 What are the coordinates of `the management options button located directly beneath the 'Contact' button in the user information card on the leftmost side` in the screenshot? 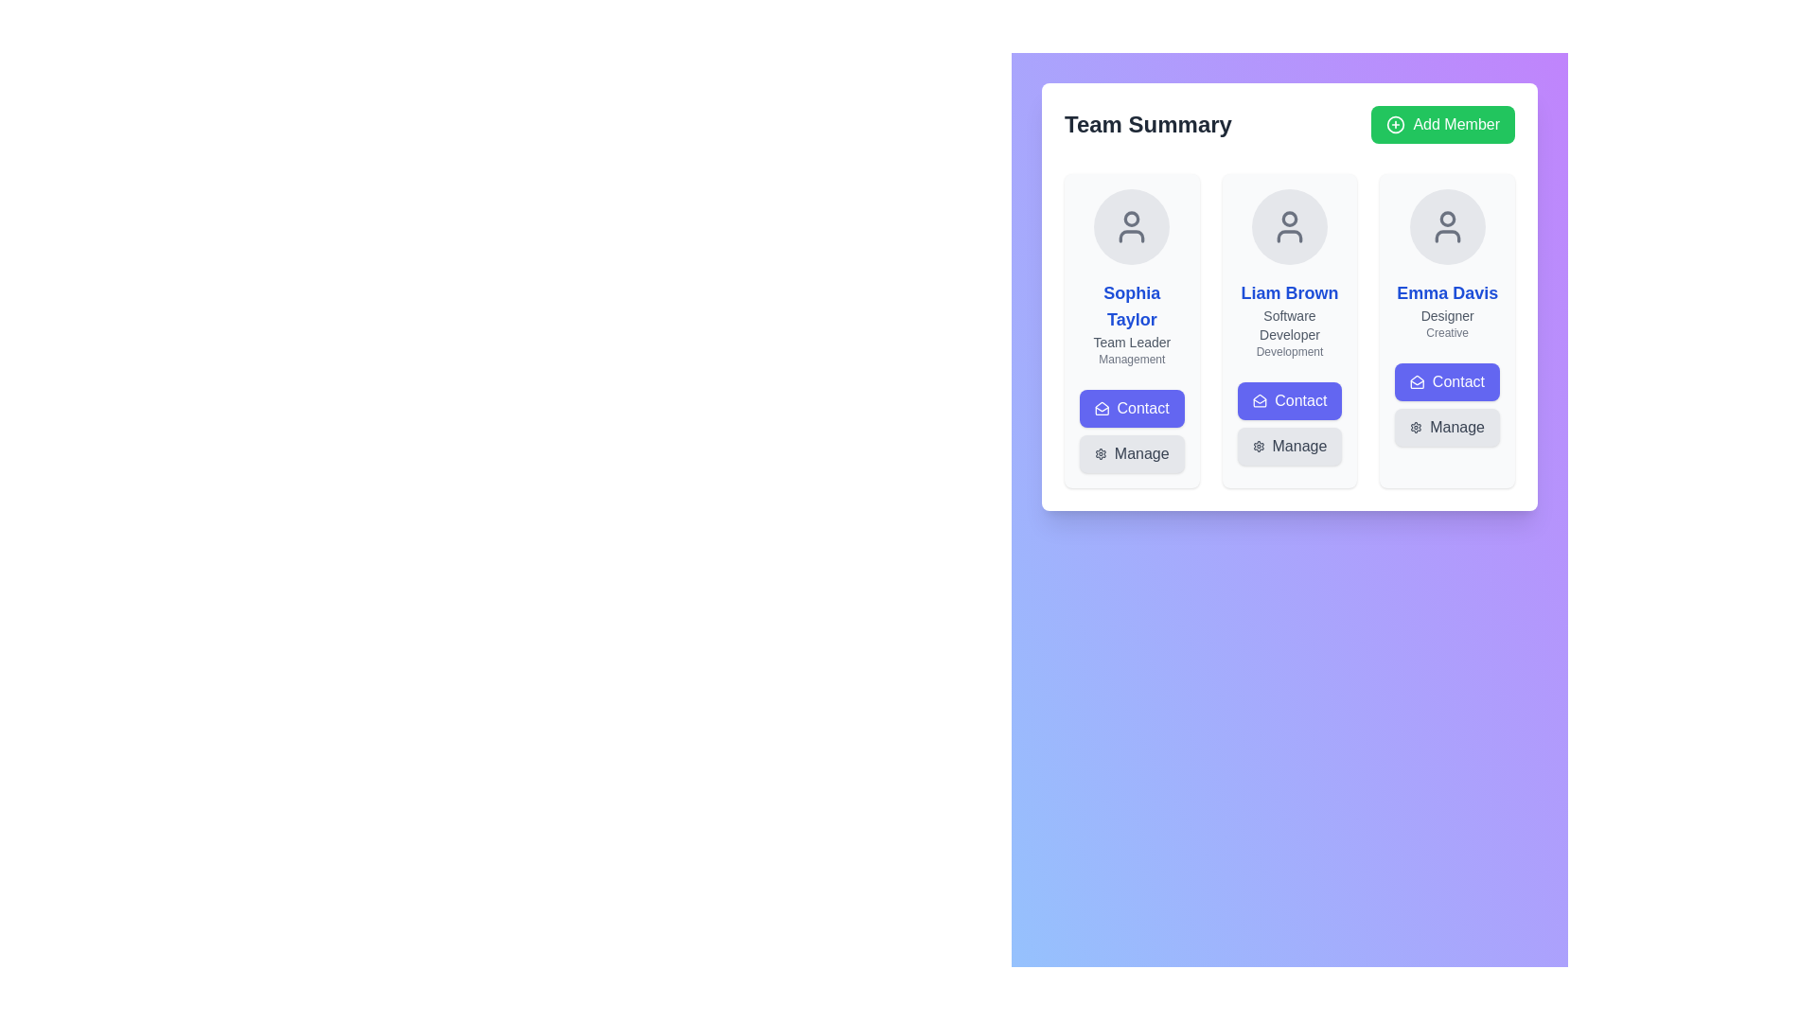 It's located at (1132, 453).